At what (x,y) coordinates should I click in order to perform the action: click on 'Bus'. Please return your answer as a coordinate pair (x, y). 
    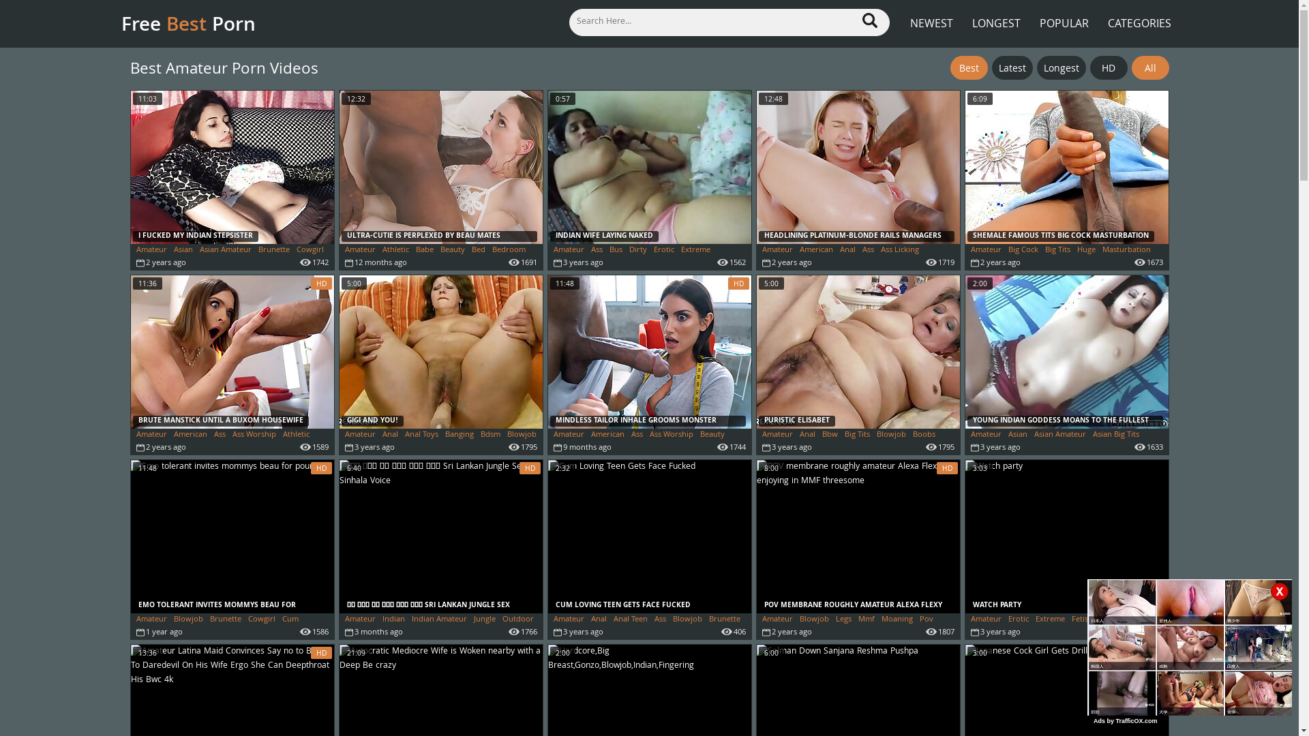
    Looking at the image, I should click on (615, 250).